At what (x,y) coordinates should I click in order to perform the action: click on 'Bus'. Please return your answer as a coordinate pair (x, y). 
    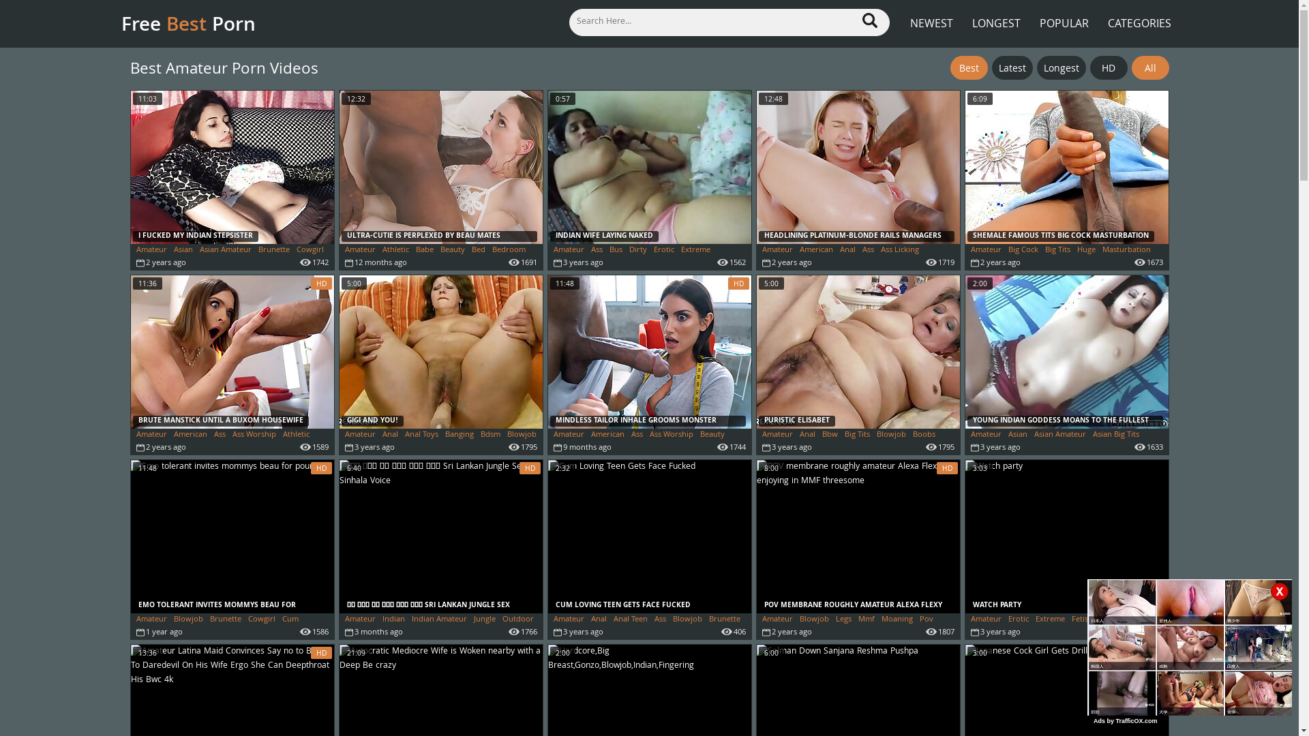
    Looking at the image, I should click on (615, 250).